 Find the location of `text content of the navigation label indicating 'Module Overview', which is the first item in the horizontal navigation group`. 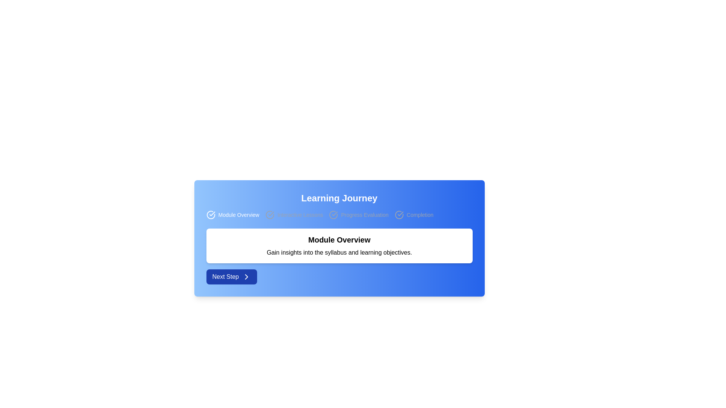

text content of the navigation label indicating 'Module Overview', which is the first item in the horizontal navigation group is located at coordinates (232, 215).